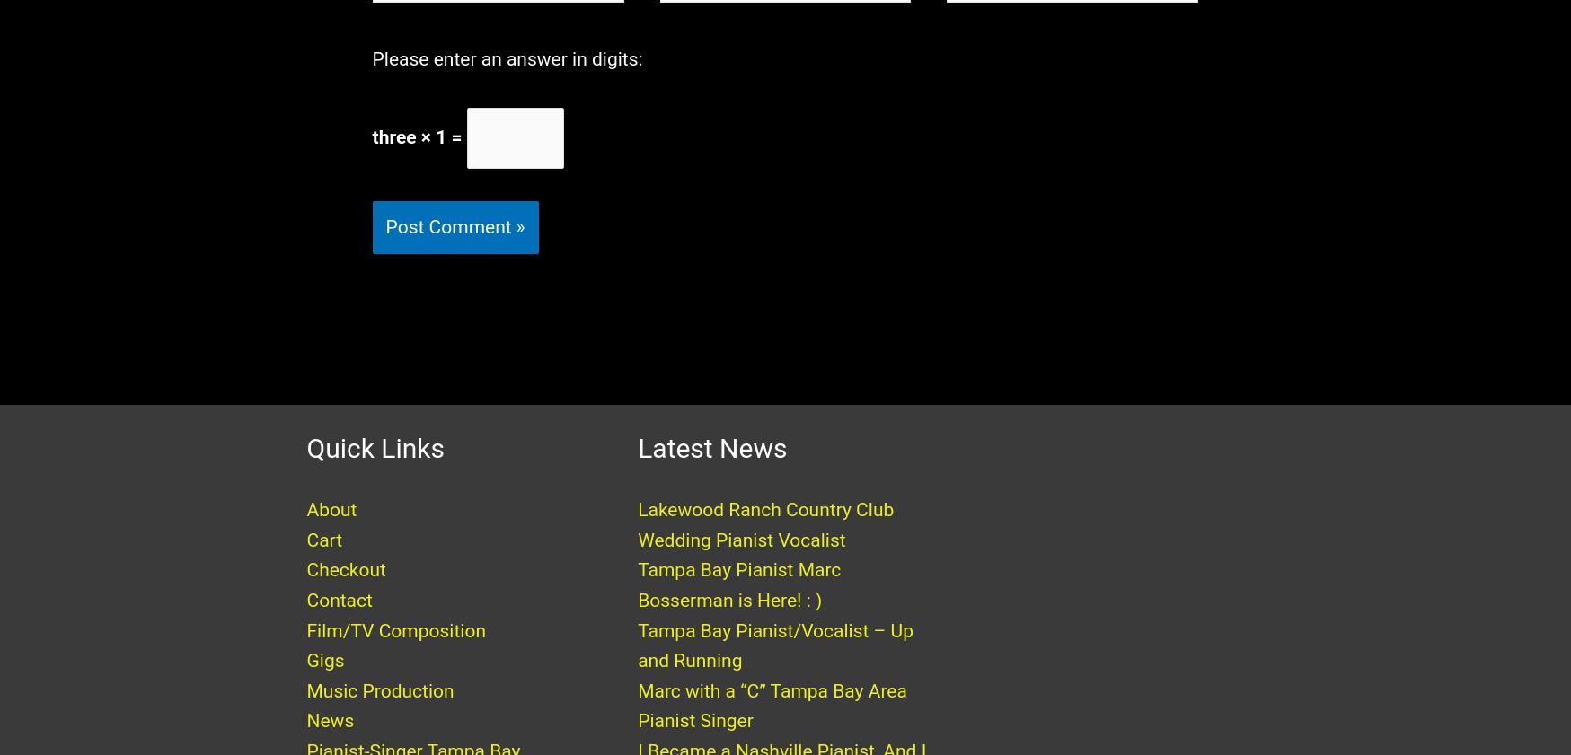 The height and width of the screenshot is (755, 1571). I want to click on 'Lakewood Ranch Country Club Wedding Pianist Vocalist', so click(636, 542).